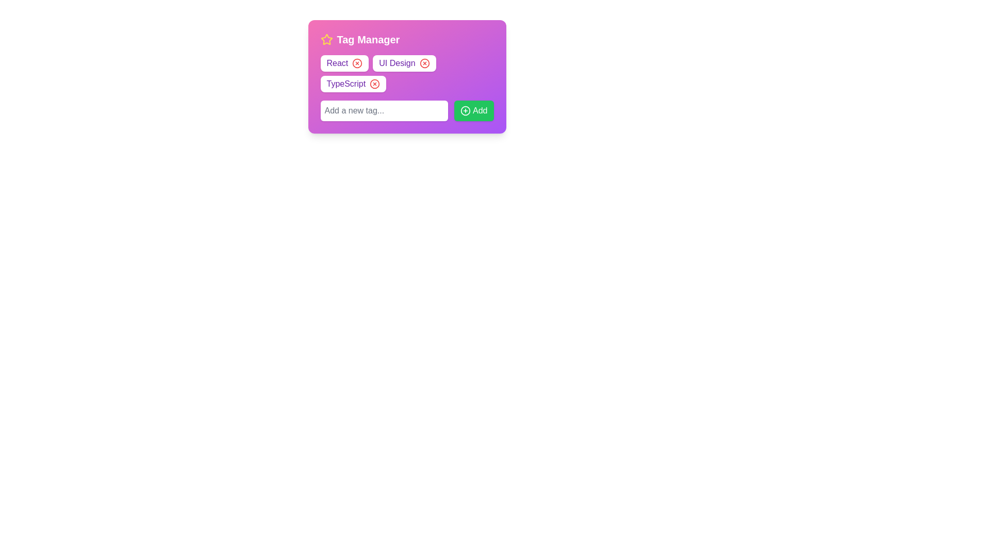 This screenshot has height=557, width=990. What do you see at coordinates (374, 83) in the screenshot?
I see `the circular red close action component associated with the 'TypeScript' tag` at bounding box center [374, 83].